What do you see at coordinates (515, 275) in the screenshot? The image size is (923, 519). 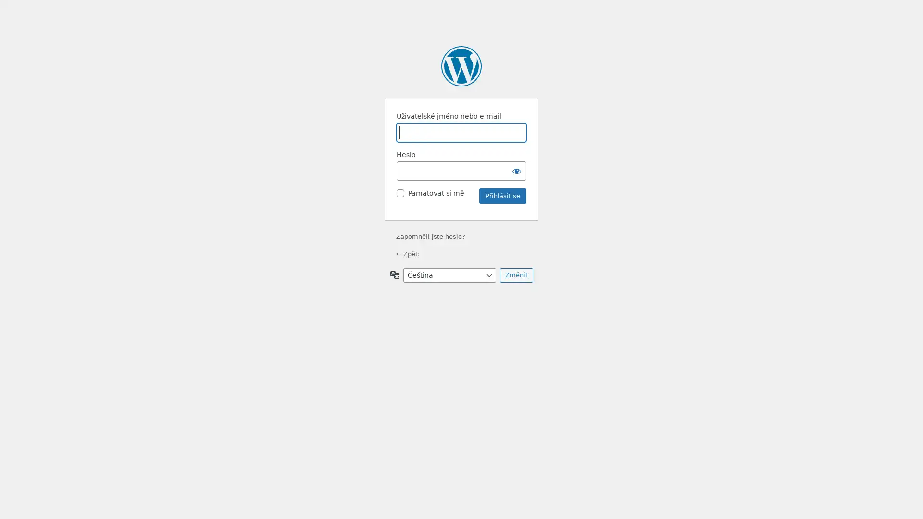 I see `Zmenit` at bounding box center [515, 275].